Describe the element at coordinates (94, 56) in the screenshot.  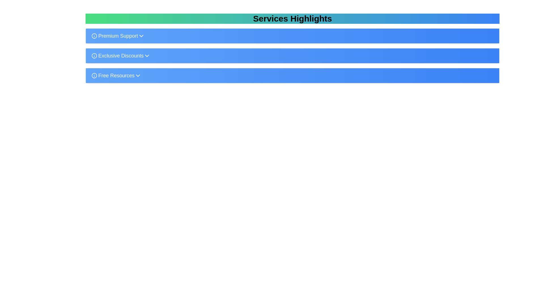
I see `the informational icon located in the second row of the 'Exclusive Discounts' list, positioned to the left of the text and adjacent to the dropdown arrow` at that location.